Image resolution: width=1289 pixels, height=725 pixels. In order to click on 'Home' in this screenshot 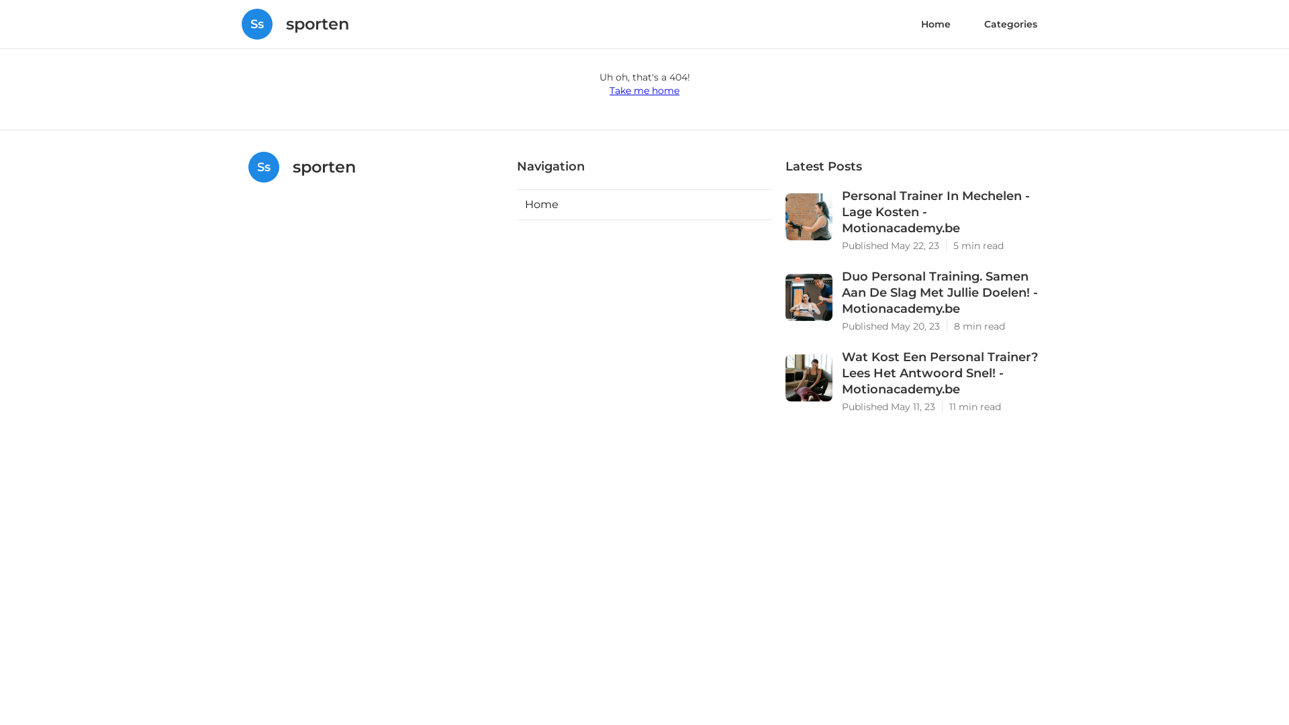, I will do `click(644, 204)`.